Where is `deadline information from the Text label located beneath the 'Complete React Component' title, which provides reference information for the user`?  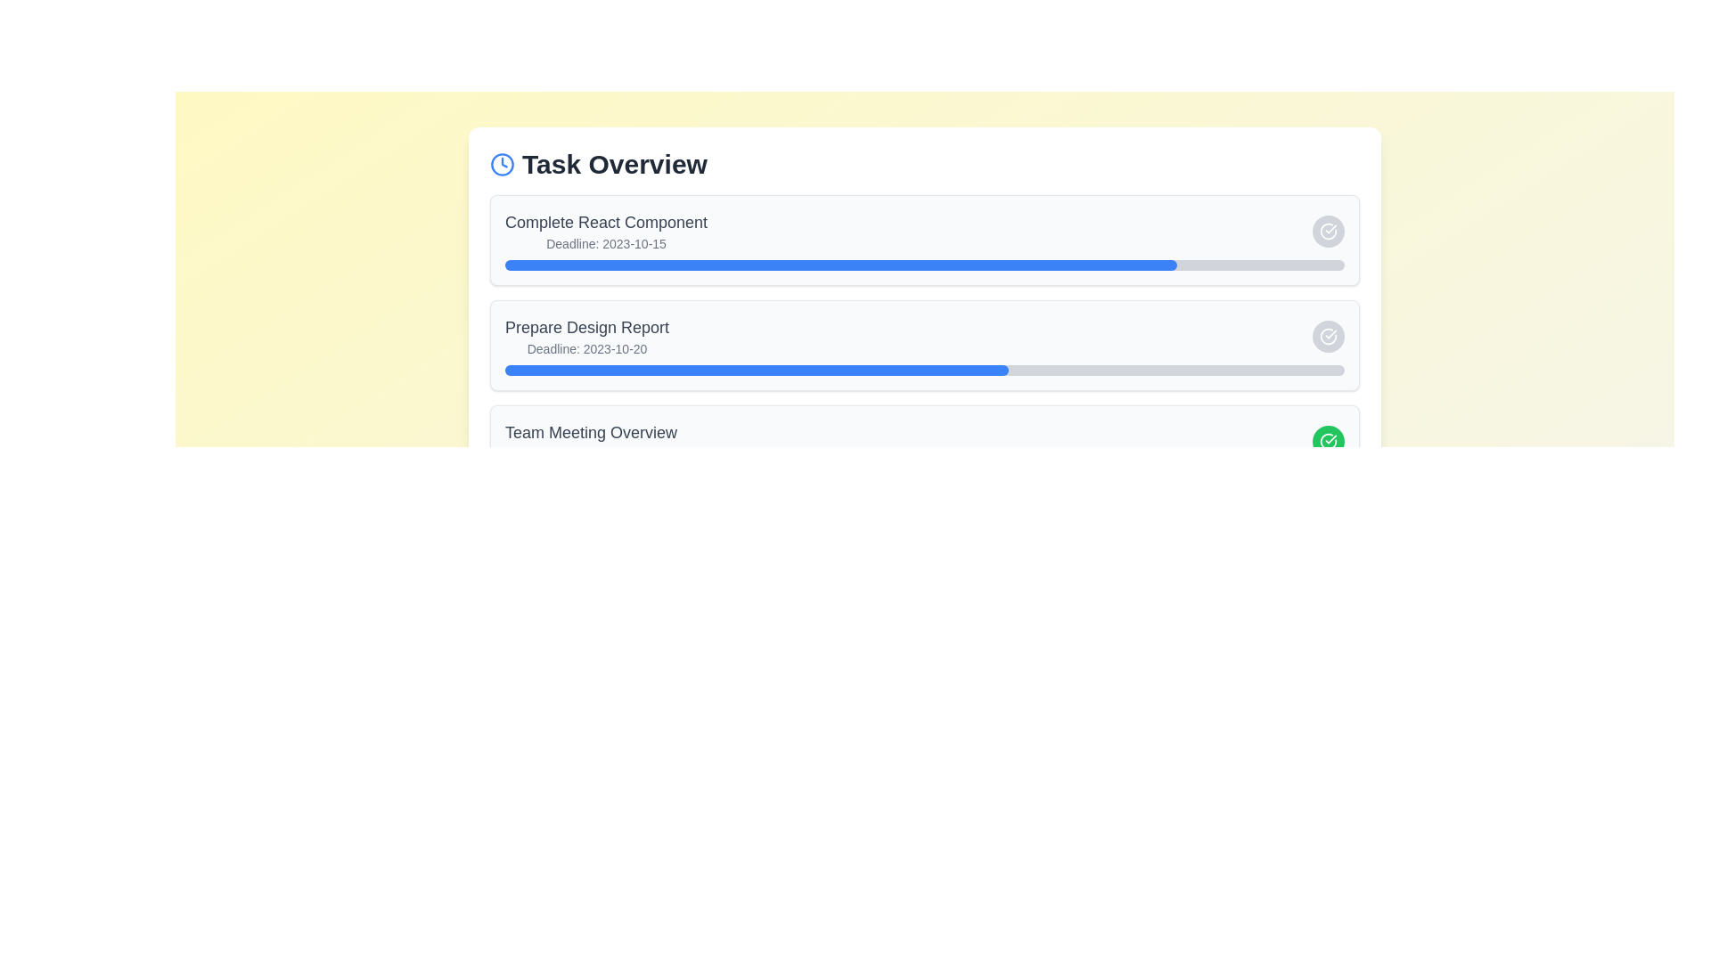
deadline information from the Text label located beneath the 'Complete React Component' title, which provides reference information for the user is located at coordinates (606, 243).